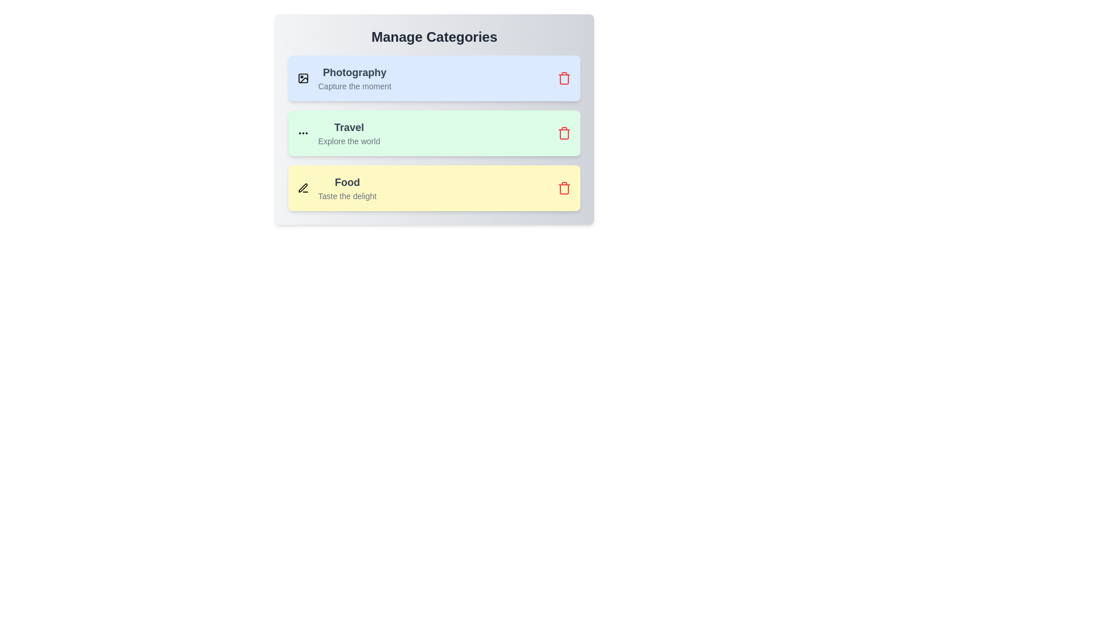  Describe the element at coordinates (303, 78) in the screenshot. I see `the icon of the category Photography to view it` at that location.